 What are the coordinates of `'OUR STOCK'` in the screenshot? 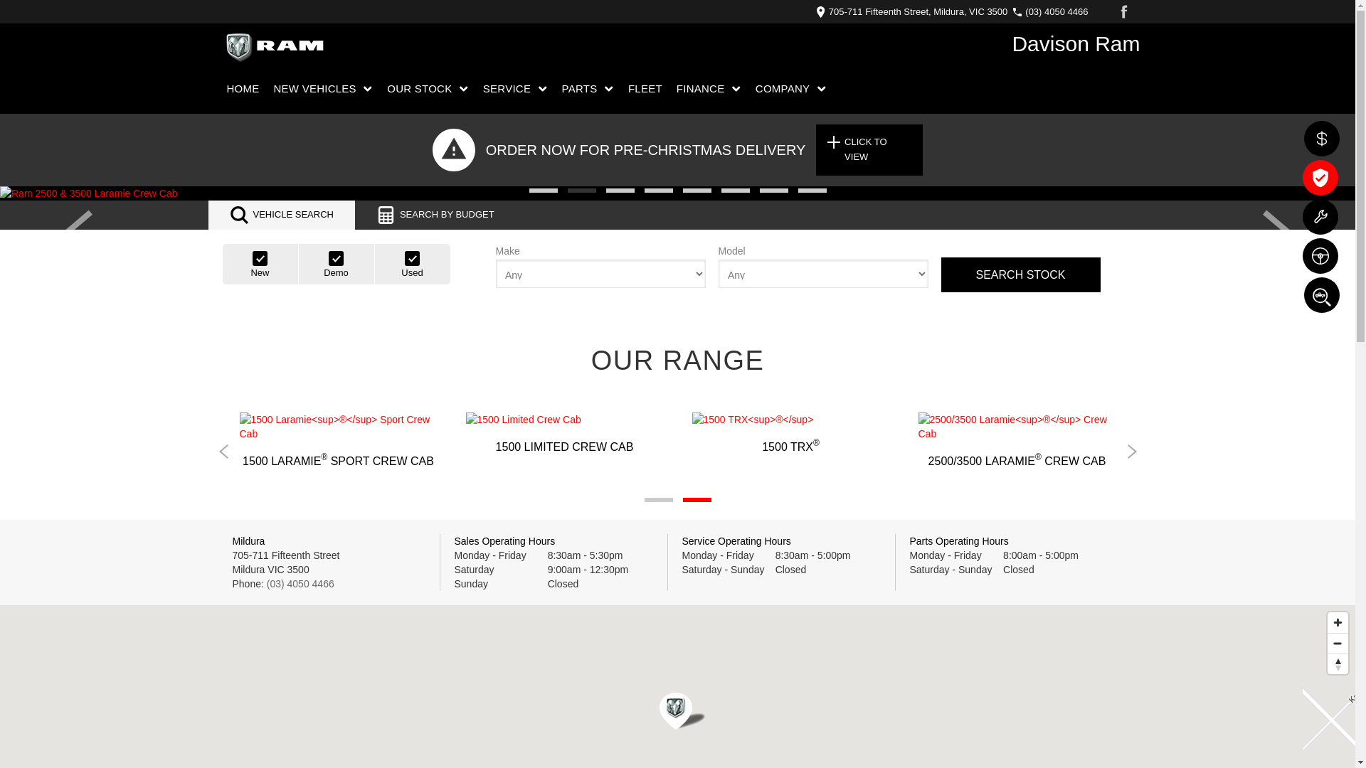 It's located at (427, 88).